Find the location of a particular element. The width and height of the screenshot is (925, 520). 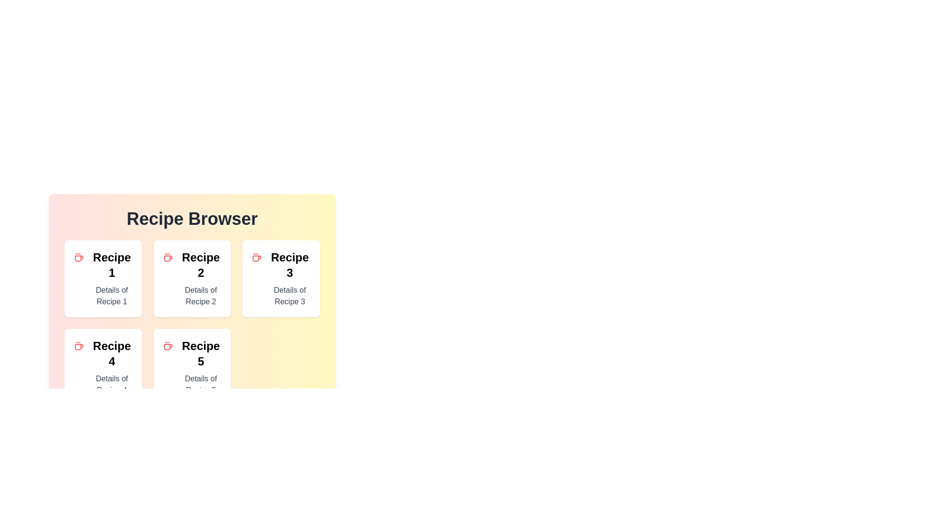

label associated with the red coffee cup icon located at the top-left corner of the card labeled 'Recipe 3' is located at coordinates (257, 257).